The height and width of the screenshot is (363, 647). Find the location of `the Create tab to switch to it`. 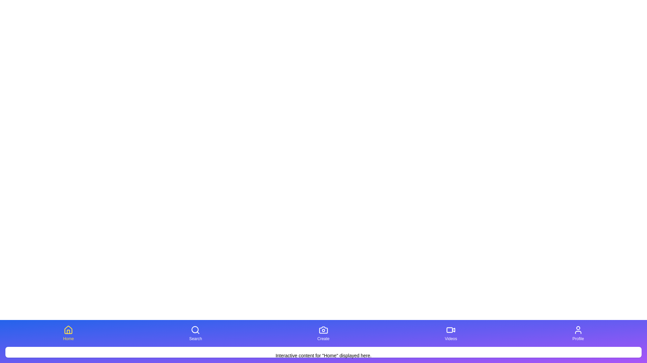

the Create tab to switch to it is located at coordinates (323, 333).